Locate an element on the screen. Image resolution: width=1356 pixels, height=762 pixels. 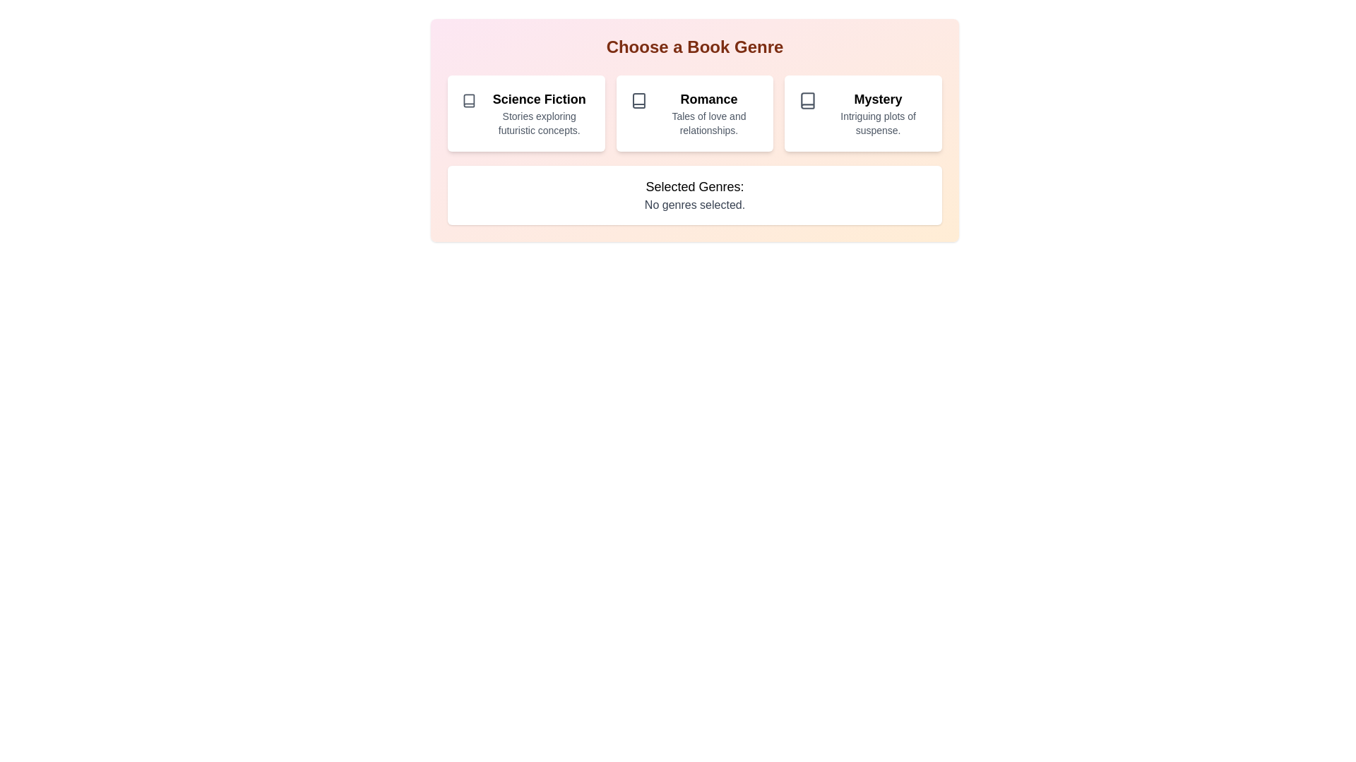
the 'Science Fiction' text element, which is the first of three horizontally aligned options in a grid, styled in bold large font above a smaller muted gray description is located at coordinates (538, 113).